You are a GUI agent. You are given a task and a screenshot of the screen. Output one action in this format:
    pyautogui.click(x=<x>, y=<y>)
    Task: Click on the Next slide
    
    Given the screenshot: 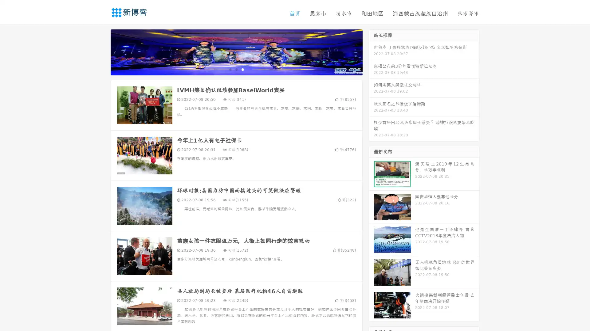 What is the action you would take?
    pyautogui.click(x=371, y=51)
    